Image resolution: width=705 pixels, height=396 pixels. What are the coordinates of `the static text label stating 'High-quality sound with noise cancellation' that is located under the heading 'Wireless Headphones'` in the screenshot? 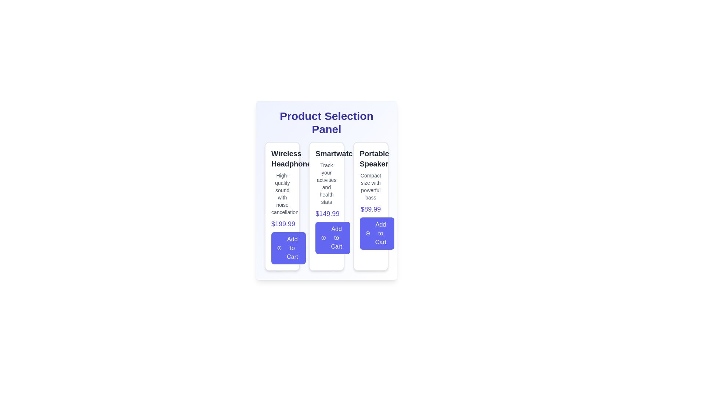 It's located at (282, 193).